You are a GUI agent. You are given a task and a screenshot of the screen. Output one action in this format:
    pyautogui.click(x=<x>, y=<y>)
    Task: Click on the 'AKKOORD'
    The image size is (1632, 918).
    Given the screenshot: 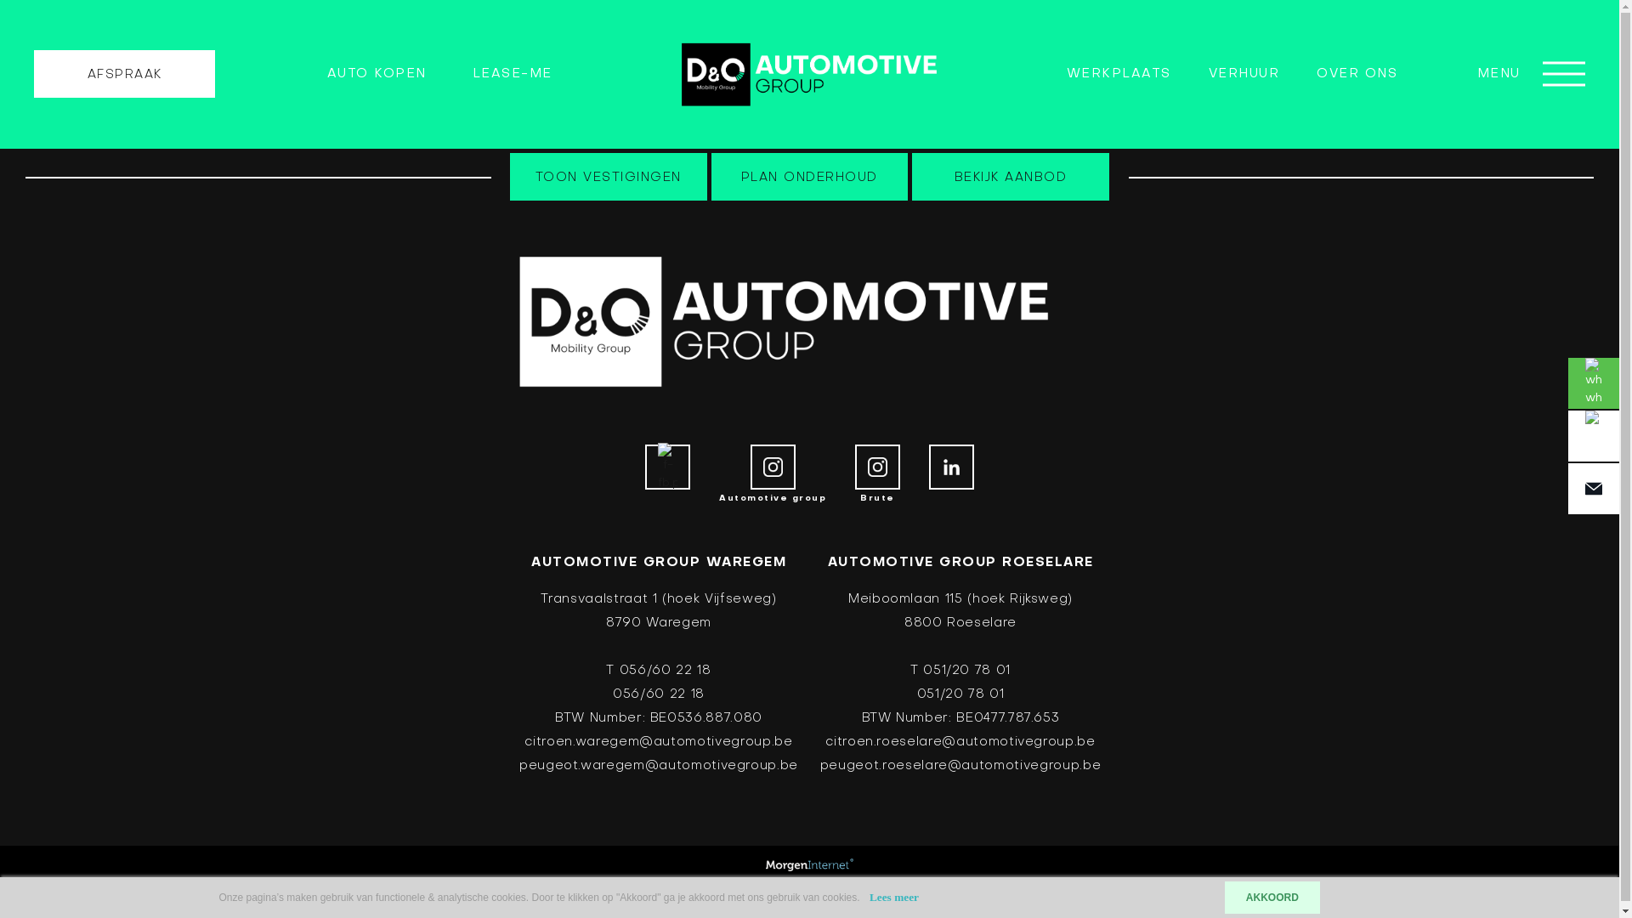 What is the action you would take?
    pyautogui.click(x=1224, y=897)
    